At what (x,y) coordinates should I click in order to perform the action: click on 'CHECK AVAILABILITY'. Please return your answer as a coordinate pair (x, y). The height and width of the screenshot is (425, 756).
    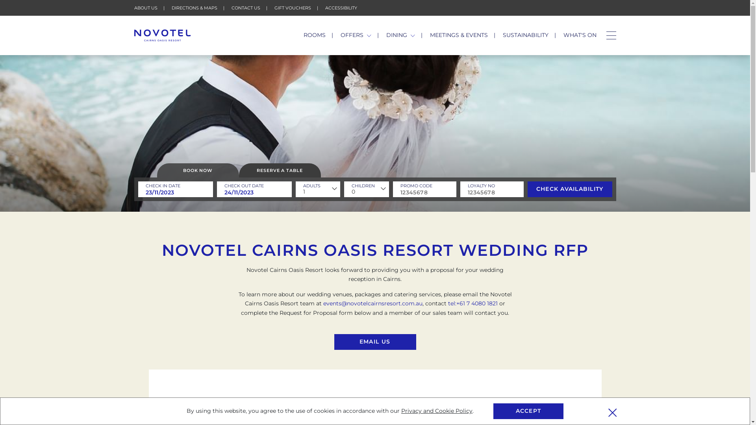
    Looking at the image, I should click on (570, 189).